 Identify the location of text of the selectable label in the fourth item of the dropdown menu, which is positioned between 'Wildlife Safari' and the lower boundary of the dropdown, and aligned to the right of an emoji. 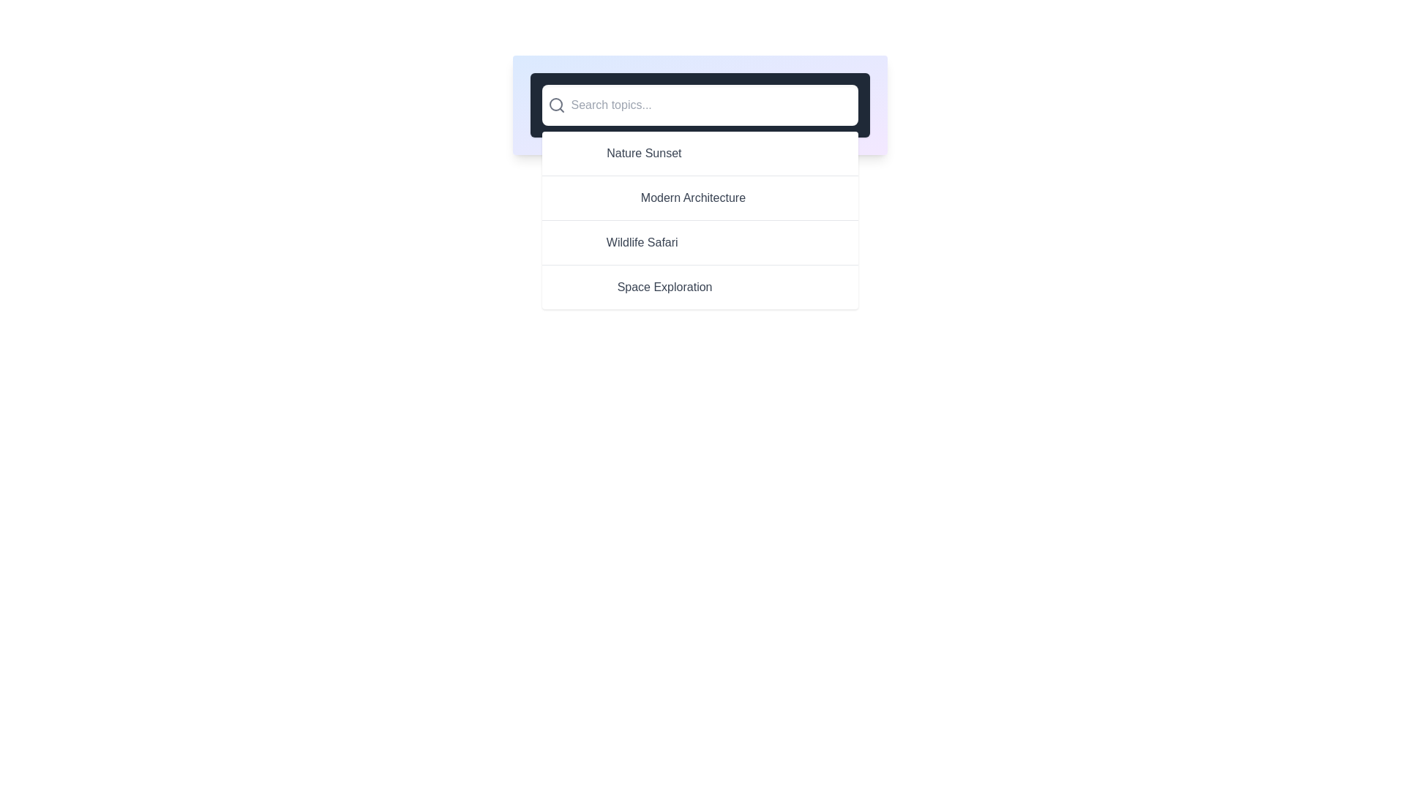
(664, 287).